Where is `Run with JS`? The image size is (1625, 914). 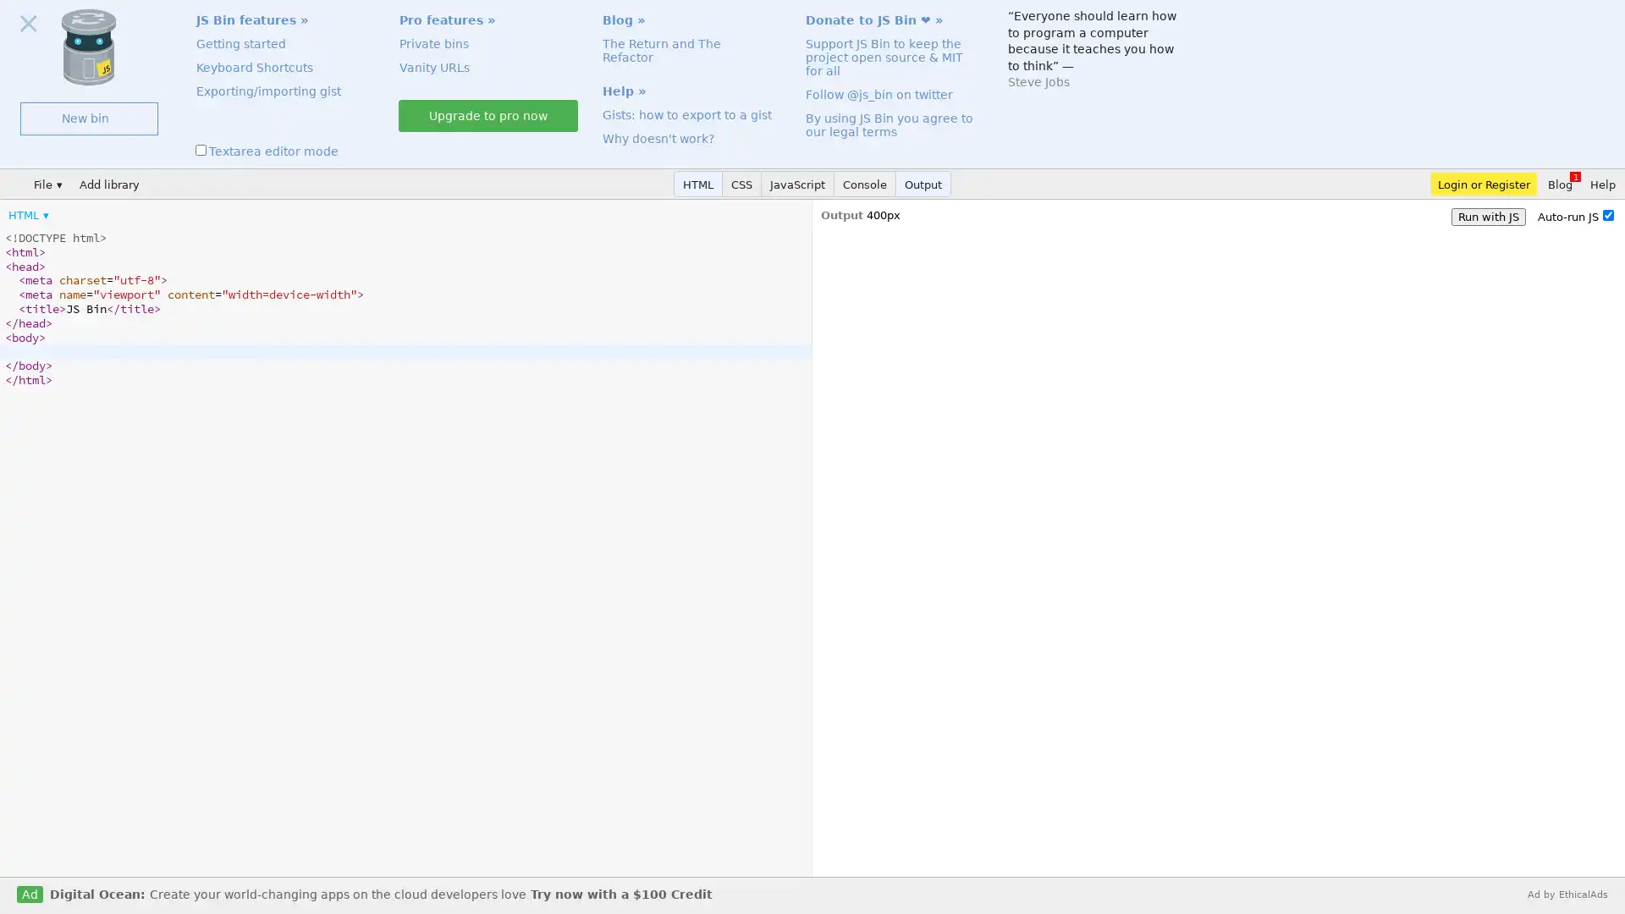
Run with JS is located at coordinates (1487, 216).